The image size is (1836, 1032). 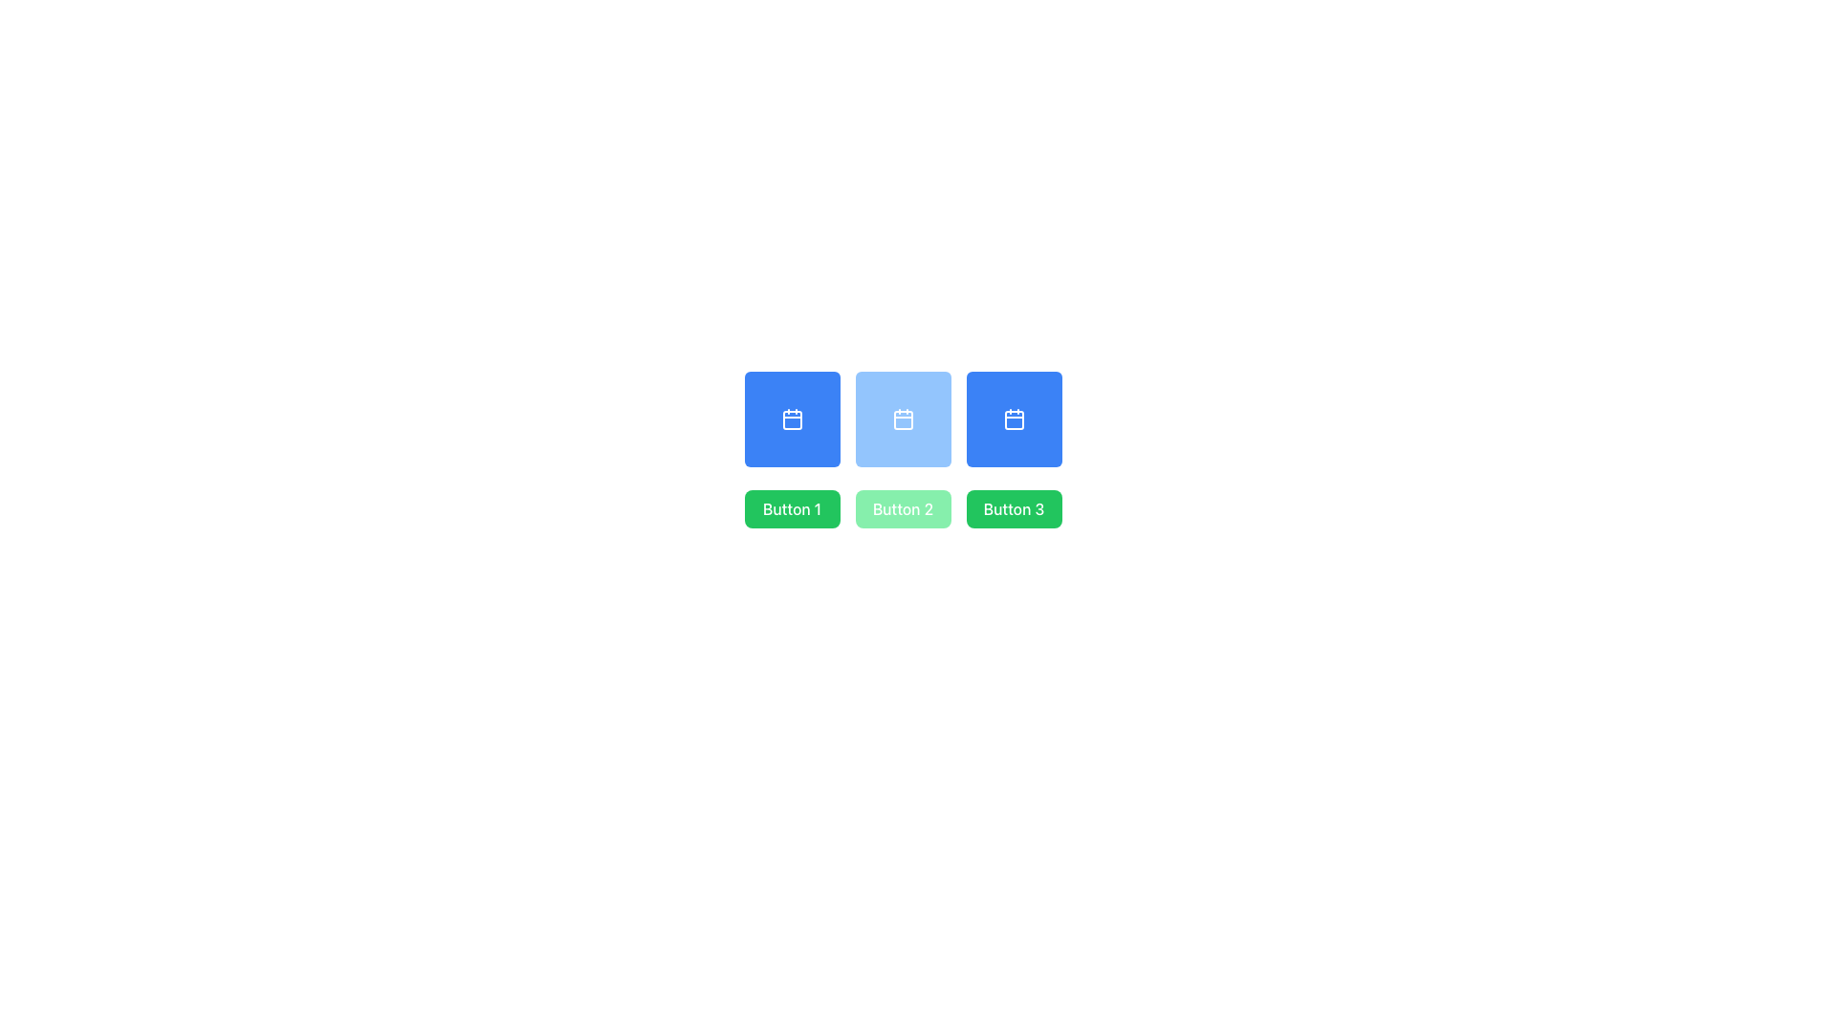 What do you see at coordinates (902, 507) in the screenshot?
I see `the middle button labeled 'Button 2' in the horizontally aligned group of buttons with distinct background colors and white text` at bounding box center [902, 507].